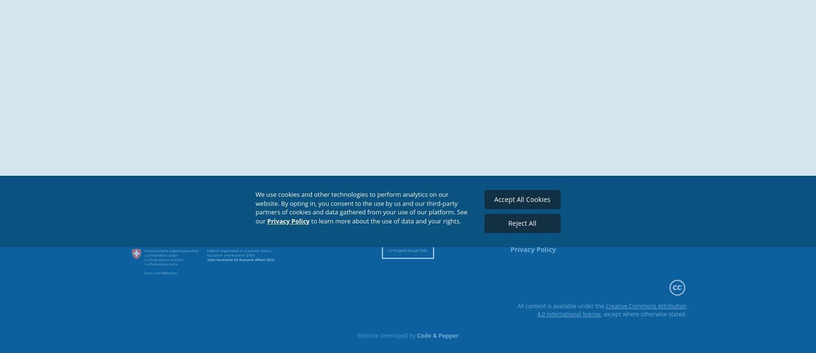  Describe the element at coordinates (611, 231) in the screenshot. I see `'@gtalert'` at that location.